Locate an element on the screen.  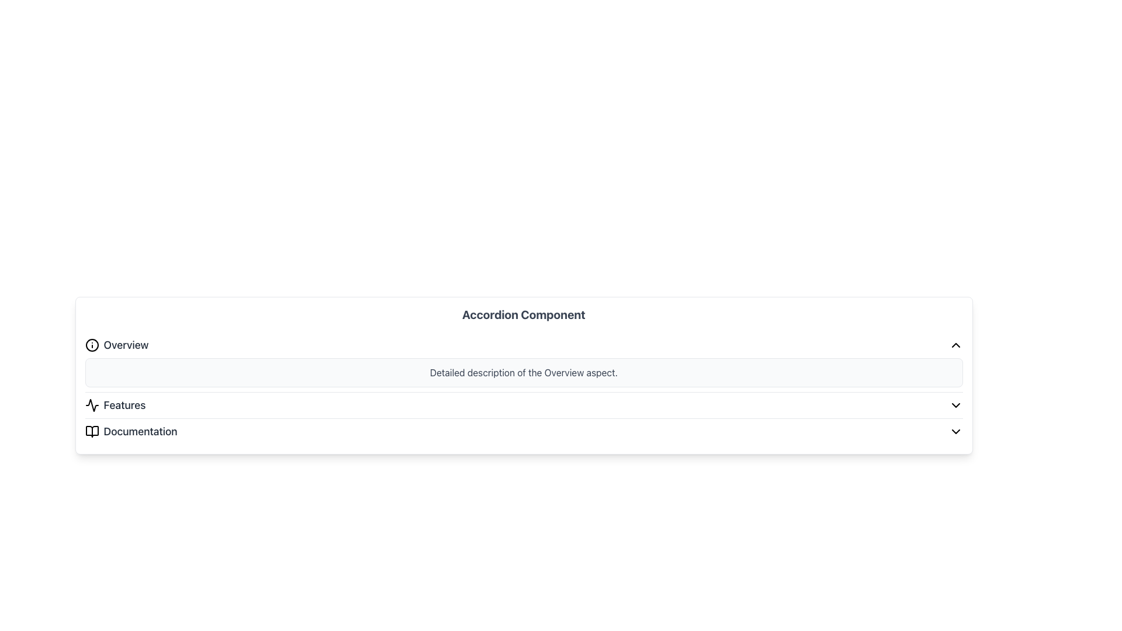
the text element that labels the accordion section titled 'Features' is located at coordinates (124, 405).